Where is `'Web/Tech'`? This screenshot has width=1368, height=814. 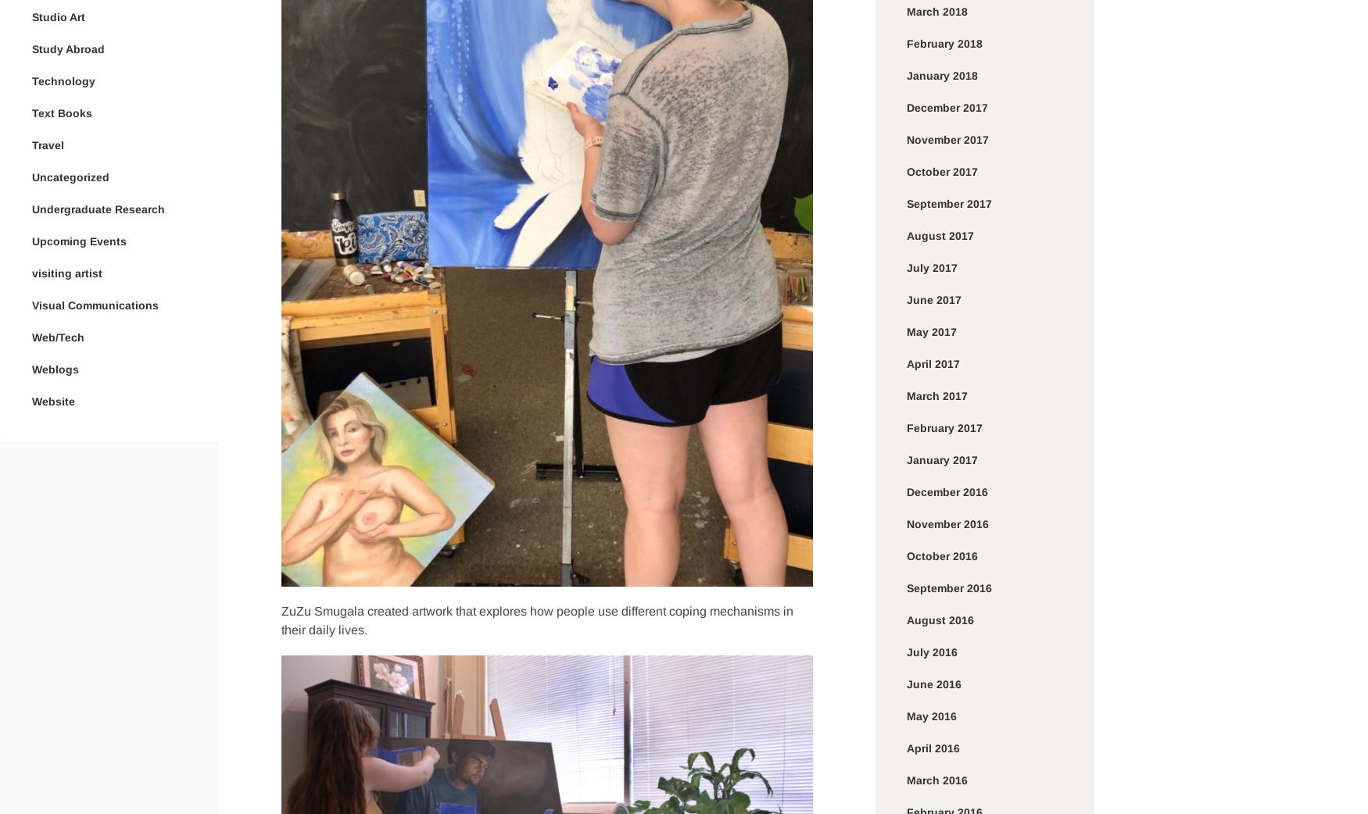 'Web/Tech' is located at coordinates (58, 335).